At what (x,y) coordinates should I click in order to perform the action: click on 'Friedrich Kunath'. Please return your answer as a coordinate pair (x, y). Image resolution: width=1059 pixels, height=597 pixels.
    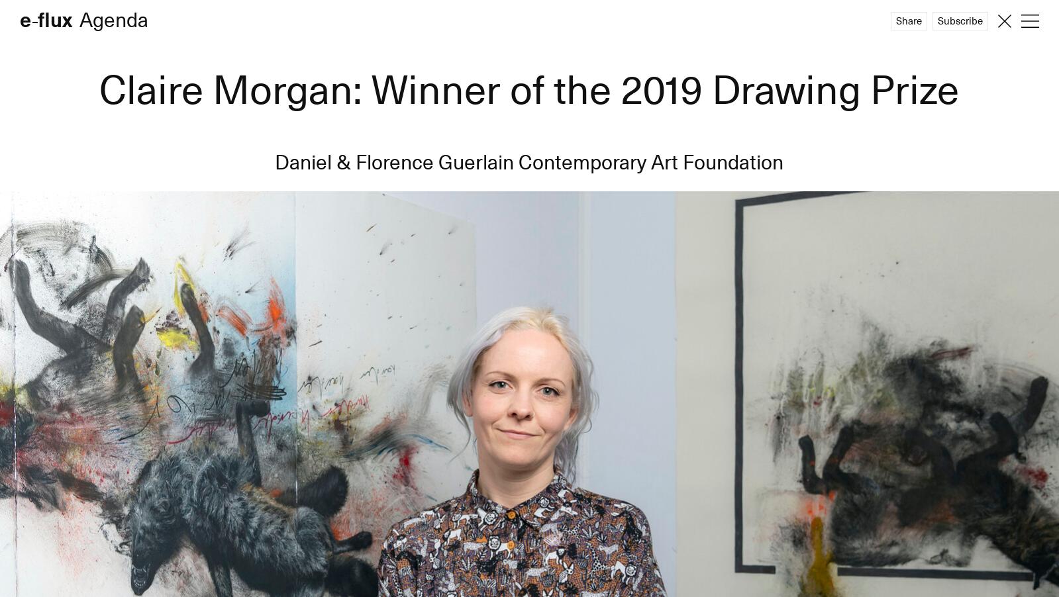
    Looking at the image, I should click on (19, 97).